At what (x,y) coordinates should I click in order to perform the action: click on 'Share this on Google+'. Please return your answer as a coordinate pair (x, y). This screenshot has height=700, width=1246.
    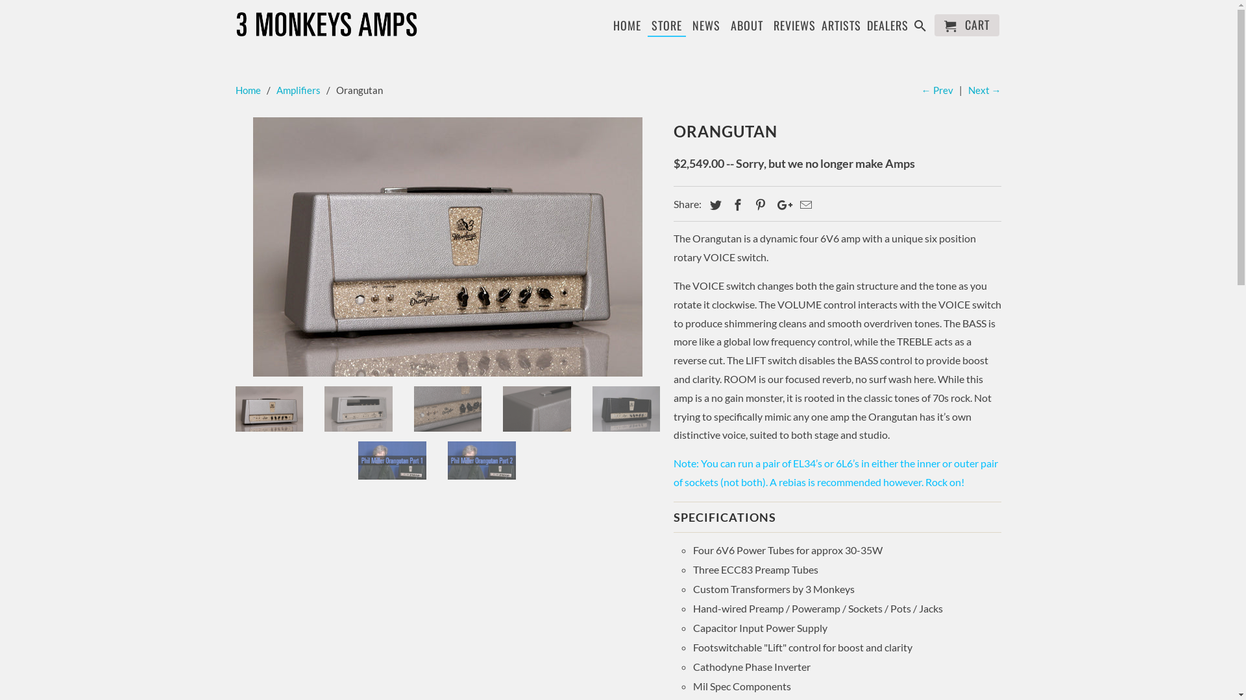
    Looking at the image, I should click on (771, 204).